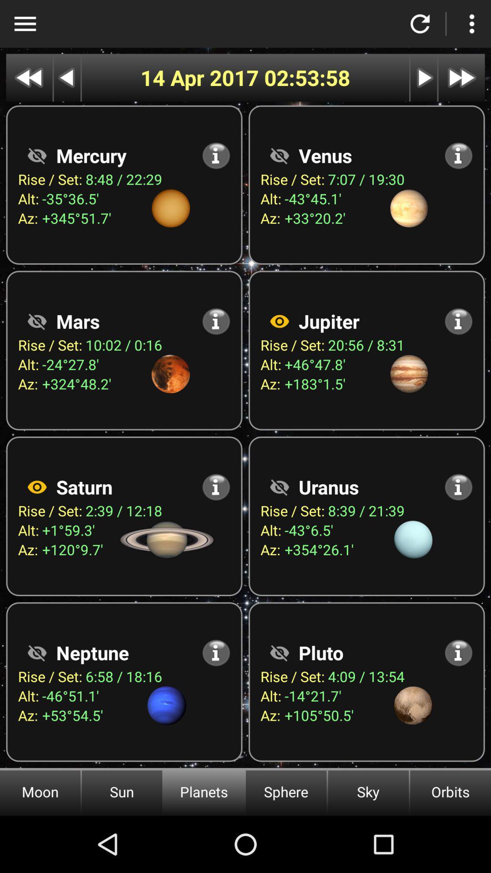 This screenshot has height=873, width=491. What do you see at coordinates (458, 156) in the screenshot?
I see `more information` at bounding box center [458, 156].